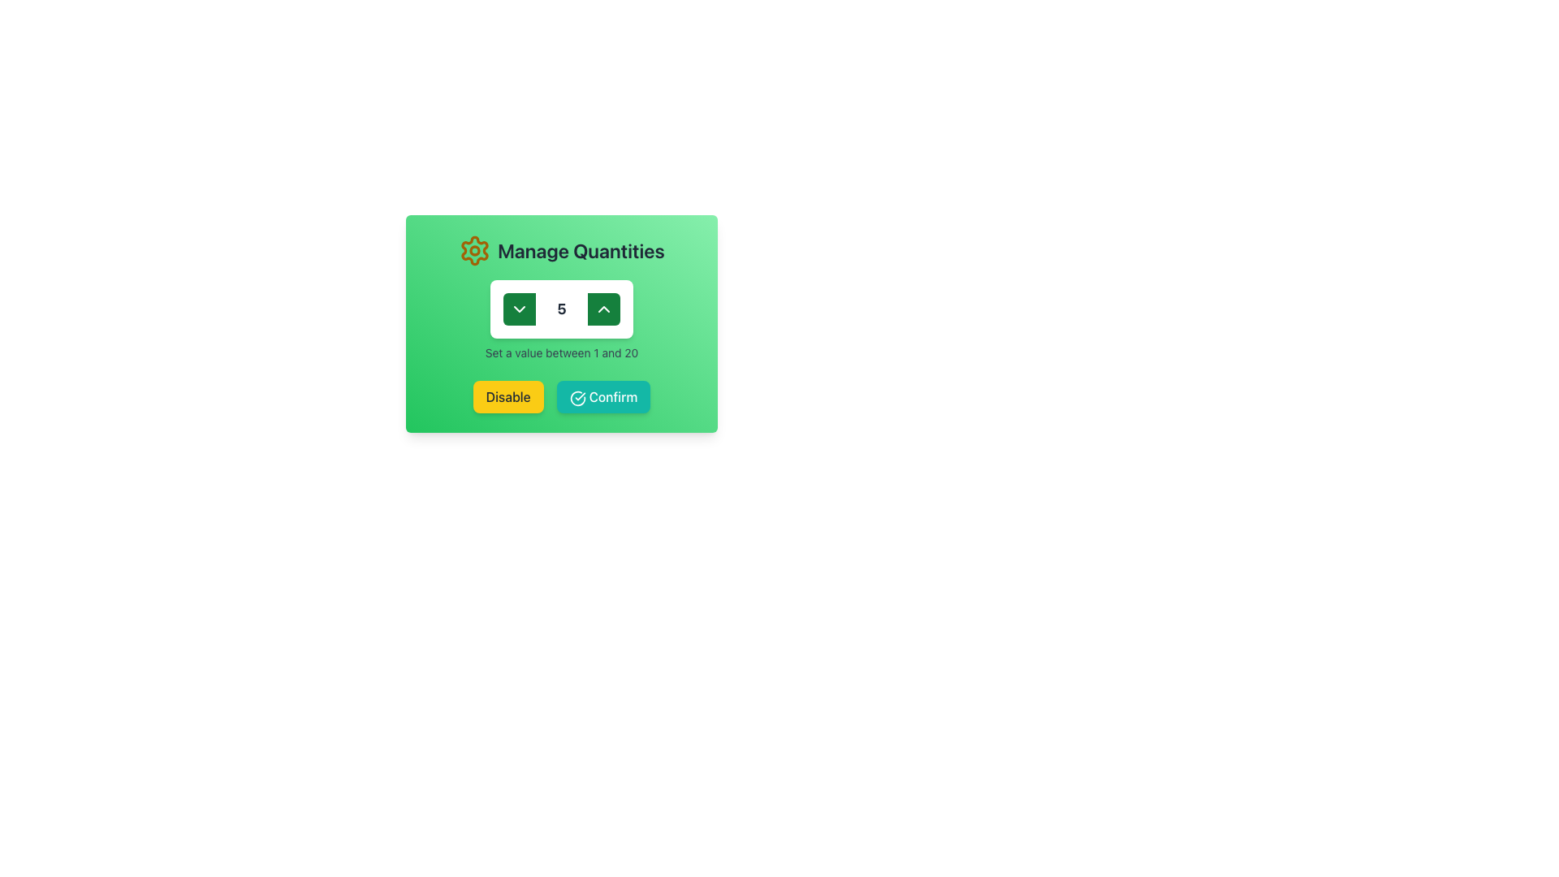  What do you see at coordinates (561, 309) in the screenshot?
I see `the numeric value displayed in the center field of the composite component consisting of upward and downward arrow buttons and a numeric display` at bounding box center [561, 309].